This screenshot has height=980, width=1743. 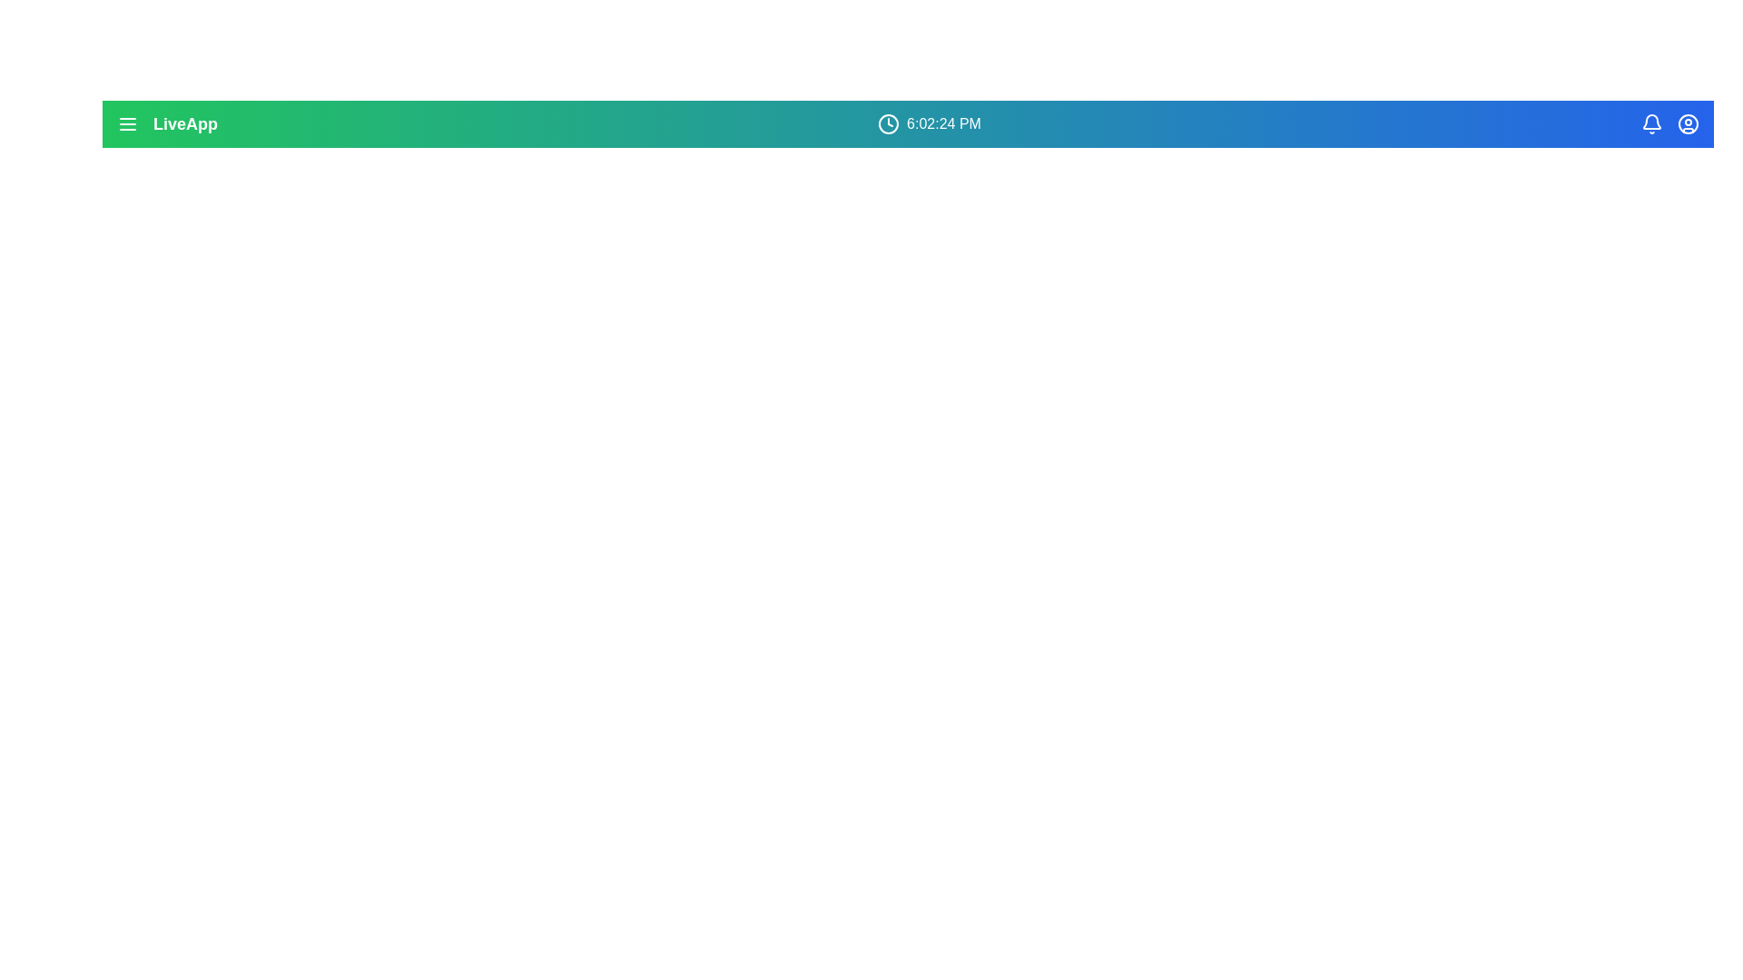 I want to click on the 'LiveApp' text, so click(x=166, y=123).